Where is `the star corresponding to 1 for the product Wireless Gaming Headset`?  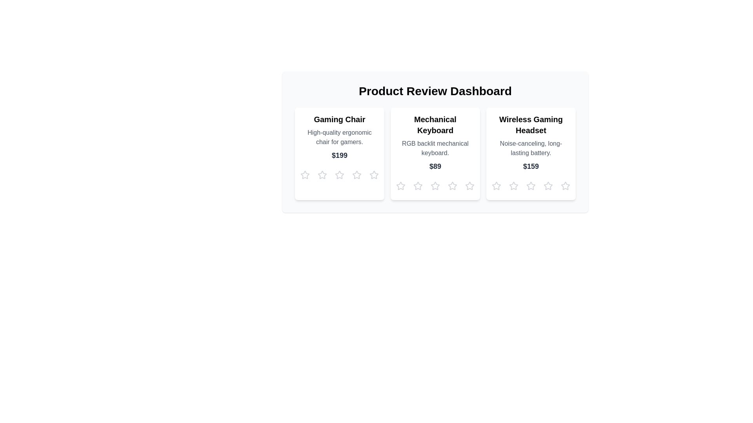
the star corresponding to 1 for the product Wireless Gaming Headset is located at coordinates (496, 186).